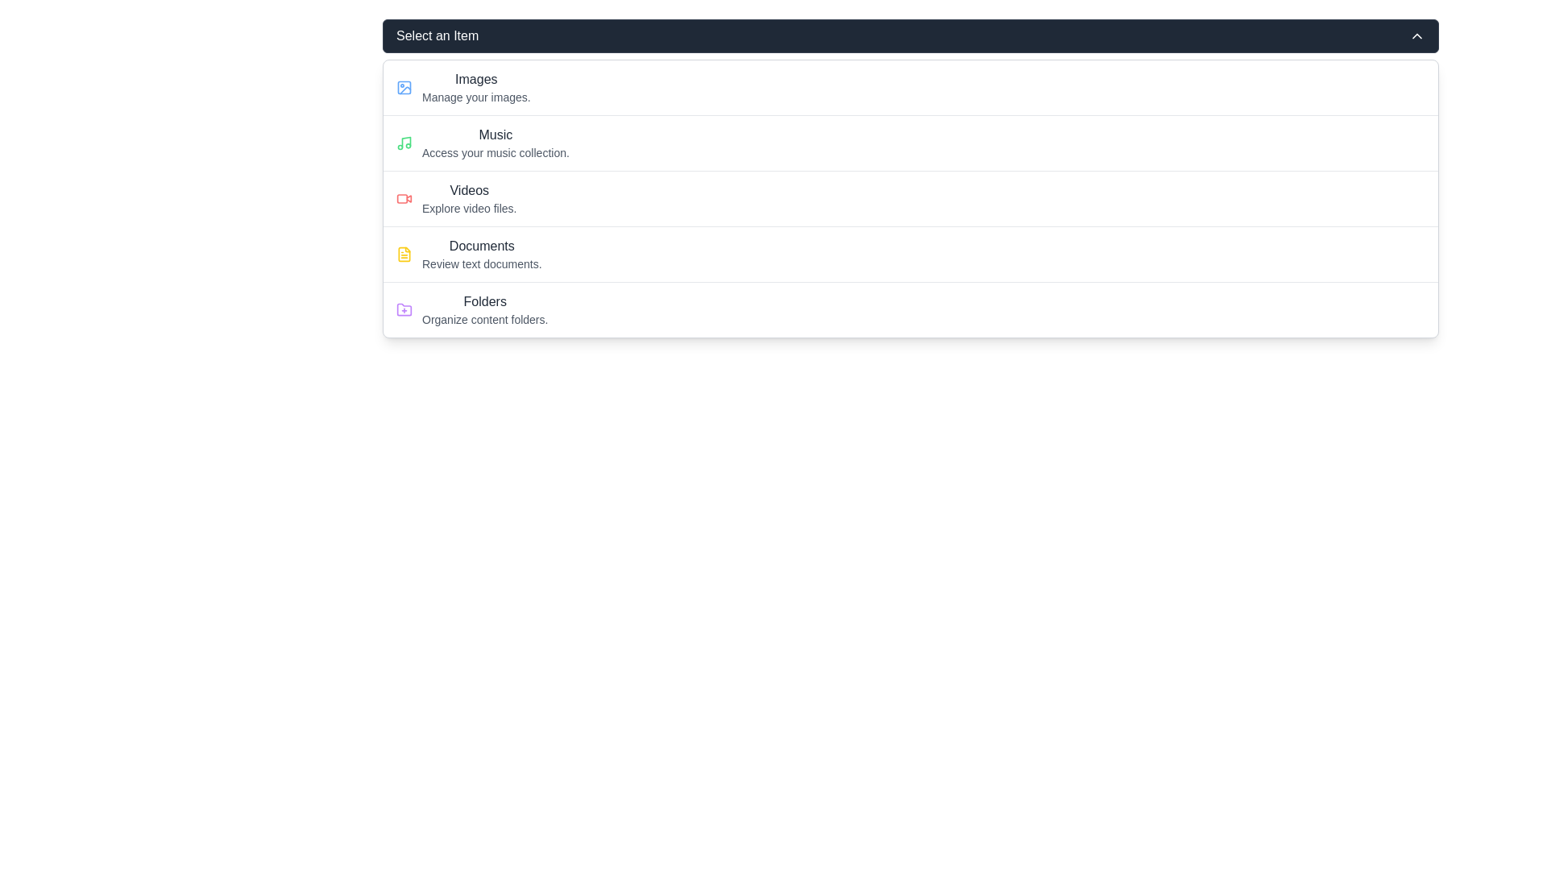 This screenshot has width=1547, height=870. Describe the element at coordinates (495, 142) in the screenshot. I see `the 'Music' text label, which is the second item in a vertical list and has a supporting subtitle 'Access your music collection.'` at that location.